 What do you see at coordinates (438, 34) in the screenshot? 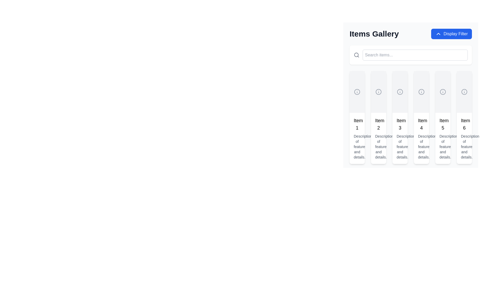
I see `the upward chevron icon inside the 'Display Filter' button in the top right corner of the 'Items Gallery' interface` at bounding box center [438, 34].